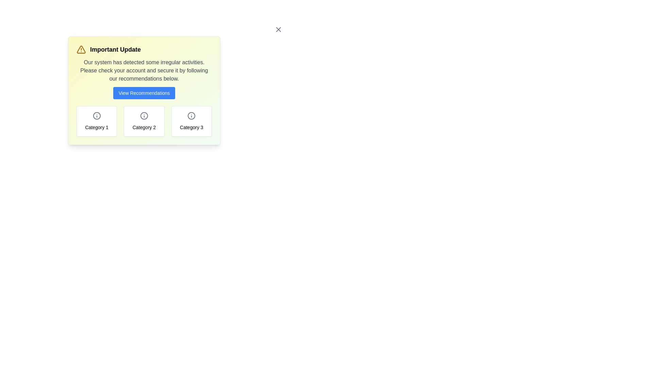 This screenshot has width=653, height=367. What do you see at coordinates (144, 121) in the screenshot?
I see `the category box labeled Category 2` at bounding box center [144, 121].